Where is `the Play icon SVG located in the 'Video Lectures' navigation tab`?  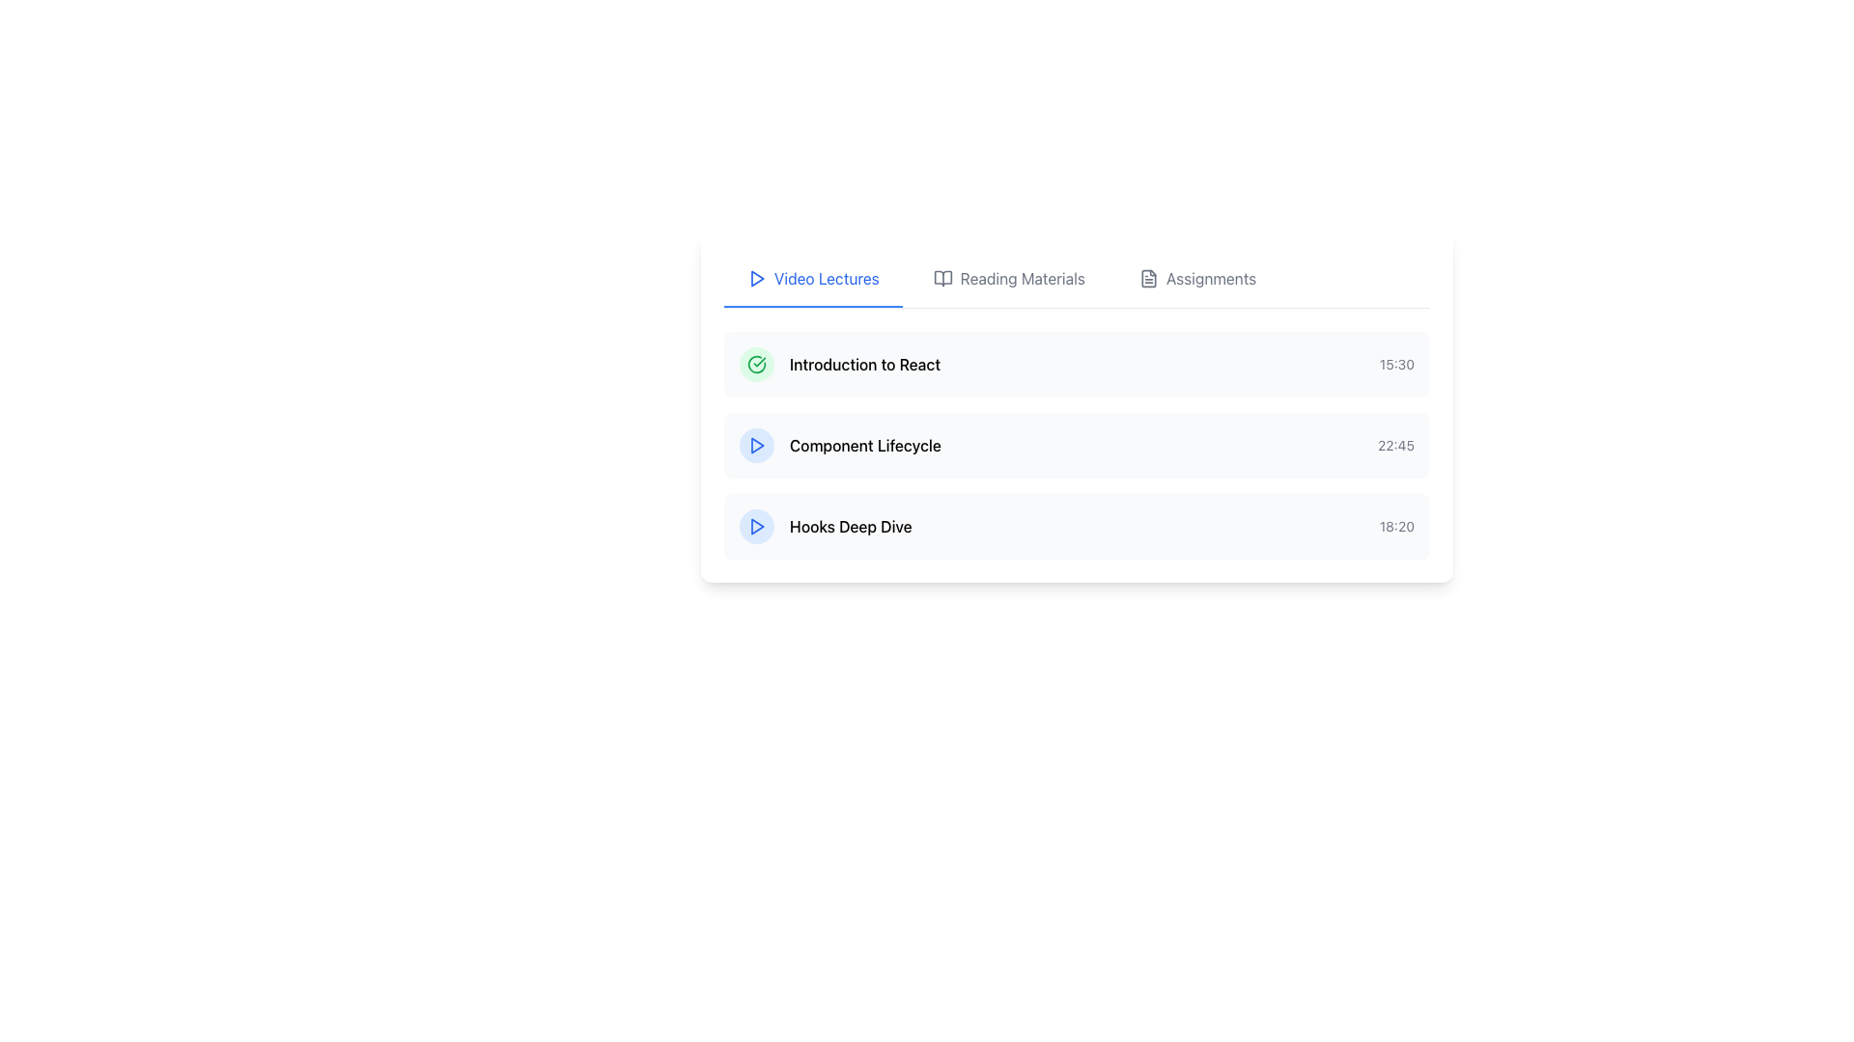
the Play icon SVG located in the 'Video Lectures' navigation tab is located at coordinates (755, 279).